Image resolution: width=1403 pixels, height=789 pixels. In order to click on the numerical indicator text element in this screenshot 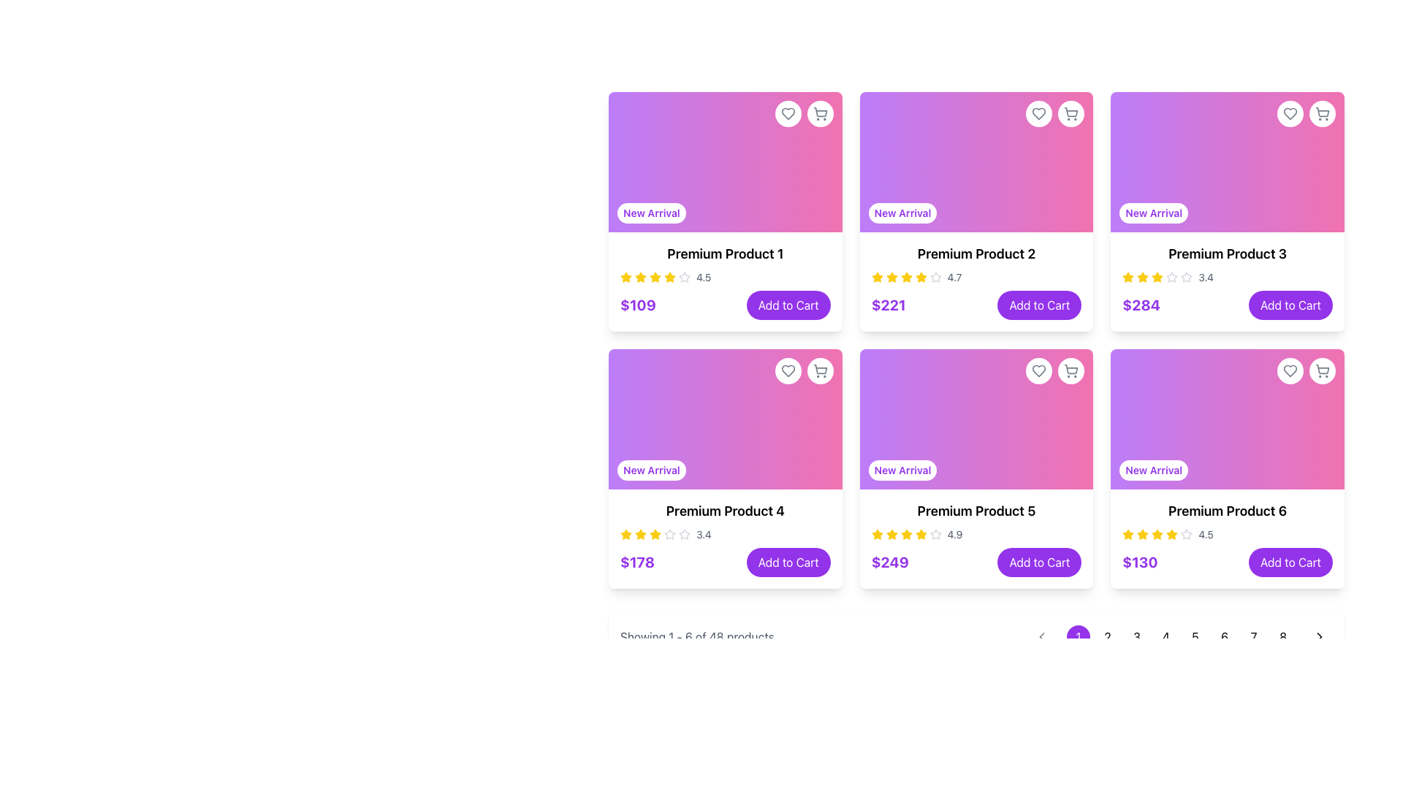, I will do `click(954, 278)`.